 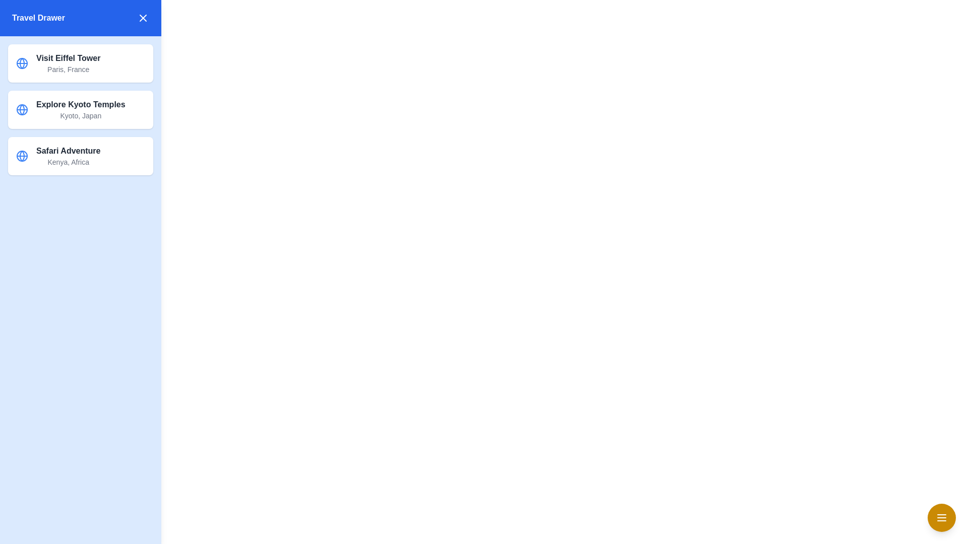 What do you see at coordinates (68, 156) in the screenshot?
I see `title and subtitle text displayed in the center of the third travel destination card, which is located under the cards labeled 'Visit Eiffel Tower' and 'Explore Kyoto Temples'` at bounding box center [68, 156].